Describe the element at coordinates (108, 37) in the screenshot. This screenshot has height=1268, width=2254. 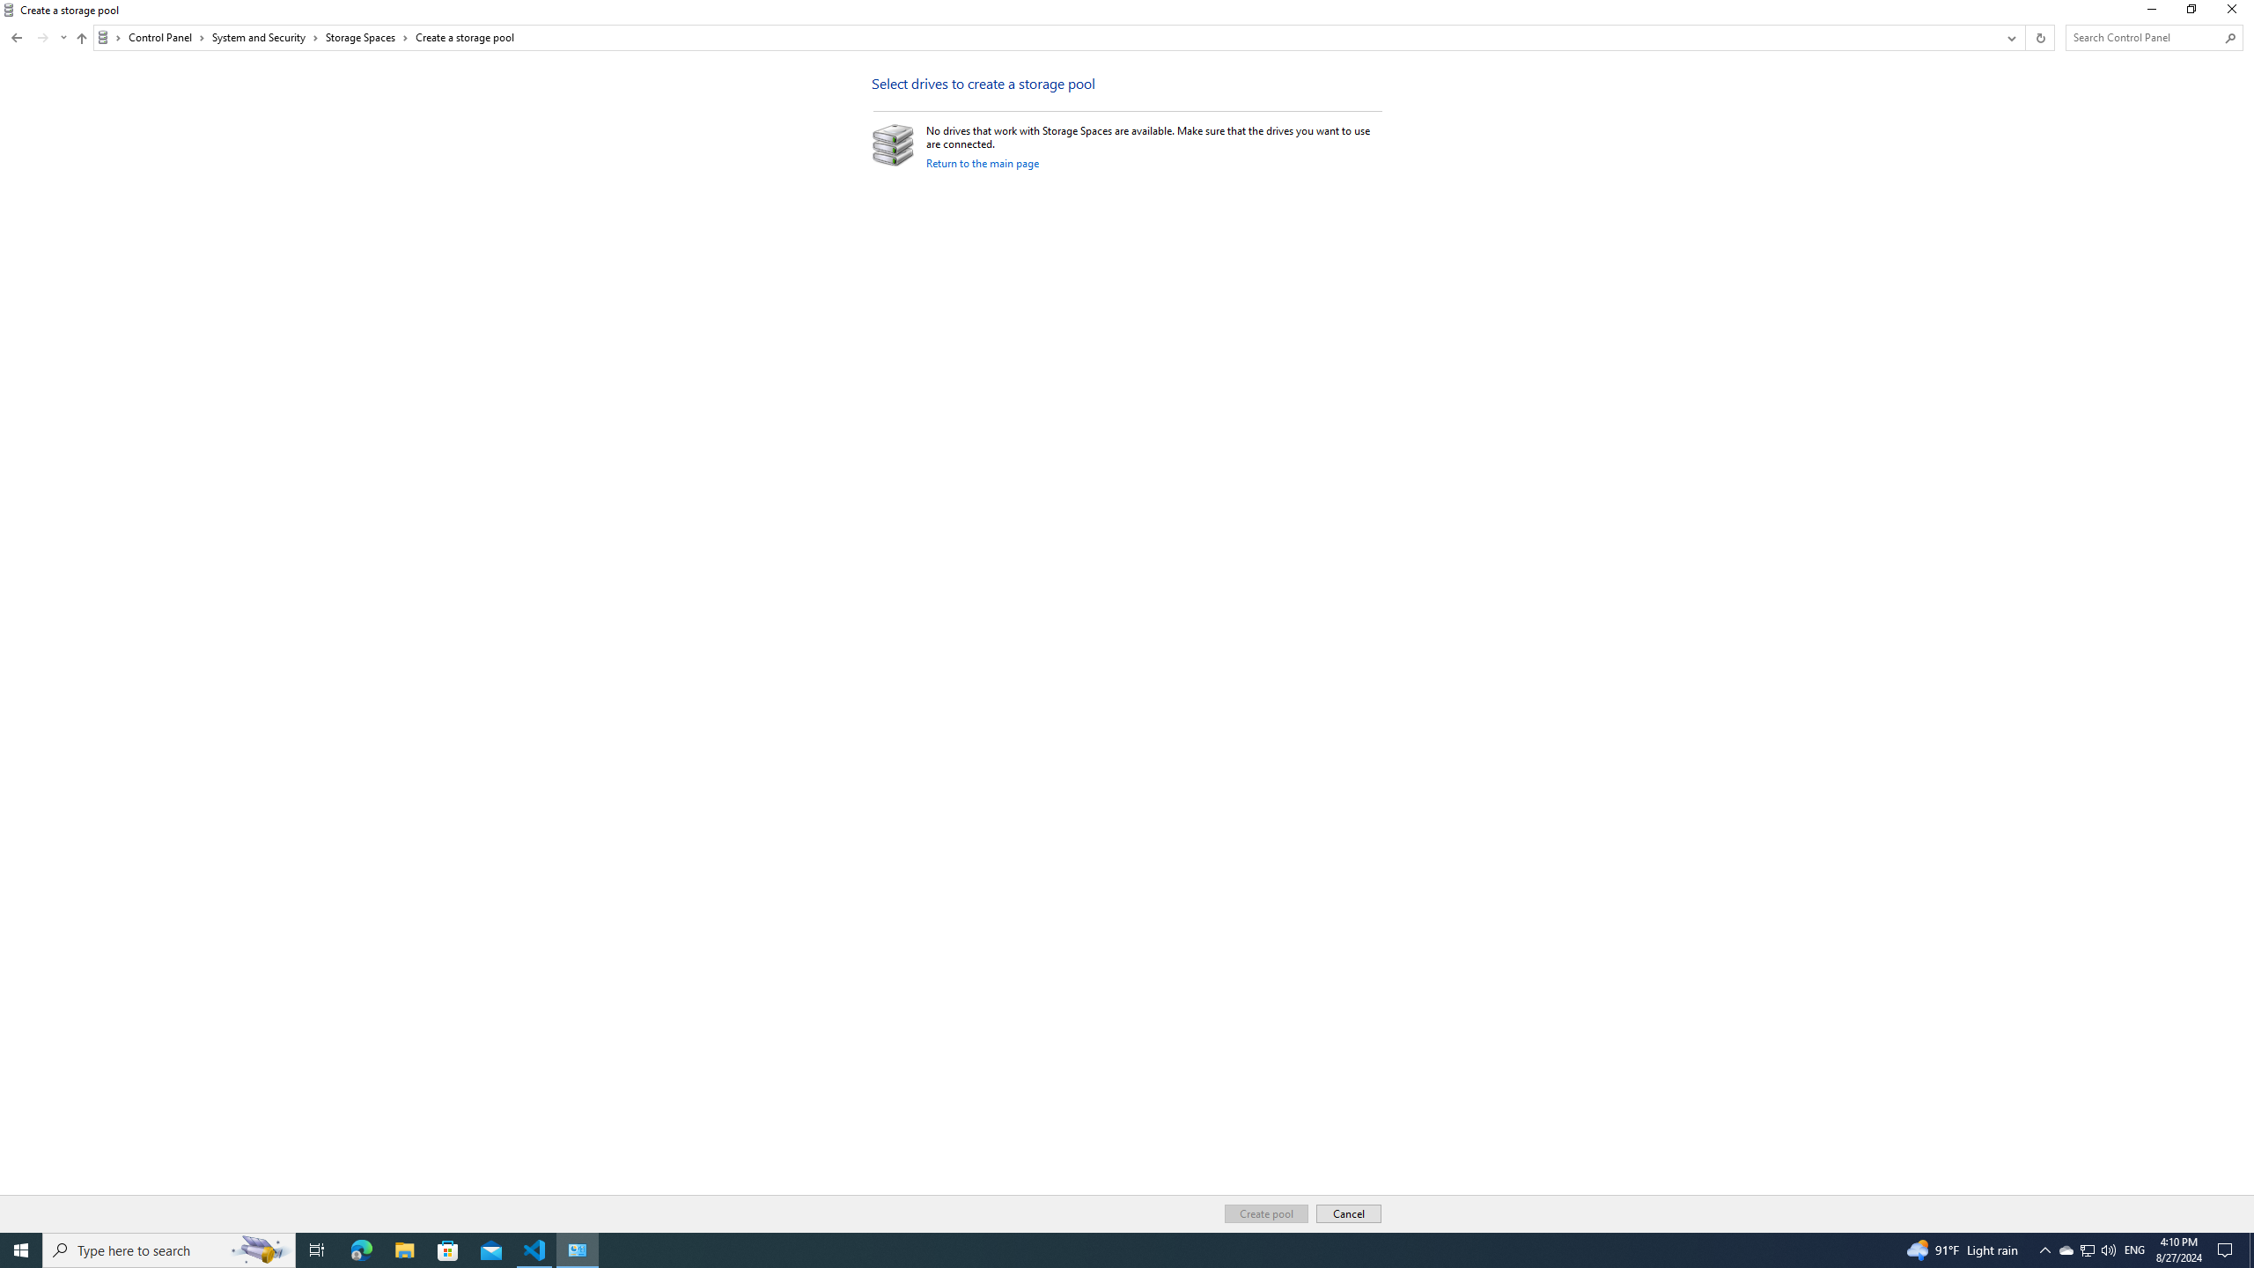
I see `'All locations'` at that location.